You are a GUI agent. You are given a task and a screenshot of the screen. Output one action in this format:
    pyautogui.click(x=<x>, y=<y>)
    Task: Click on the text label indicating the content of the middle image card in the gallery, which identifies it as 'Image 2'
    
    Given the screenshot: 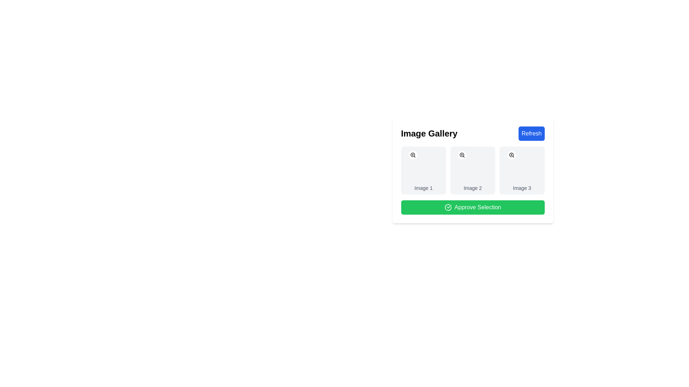 What is the action you would take?
    pyautogui.click(x=473, y=187)
    